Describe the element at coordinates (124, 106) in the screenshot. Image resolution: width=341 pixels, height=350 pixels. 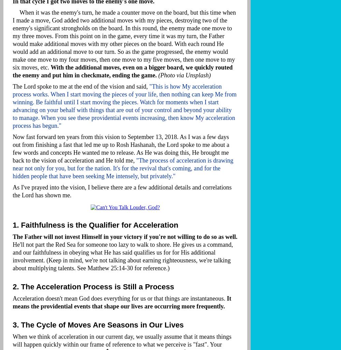
I see `'"This is how My acceleration process works. When I start moving the pieces of your life, then nothing can keep Me from winning. Be faithful until I start moving the pieces. Watch for moments when I start advancing on your behalf with things that are out of your control and beyond your ability to manage.  When you see these providential events increasing, then know My acceleration process has begun."'` at that location.